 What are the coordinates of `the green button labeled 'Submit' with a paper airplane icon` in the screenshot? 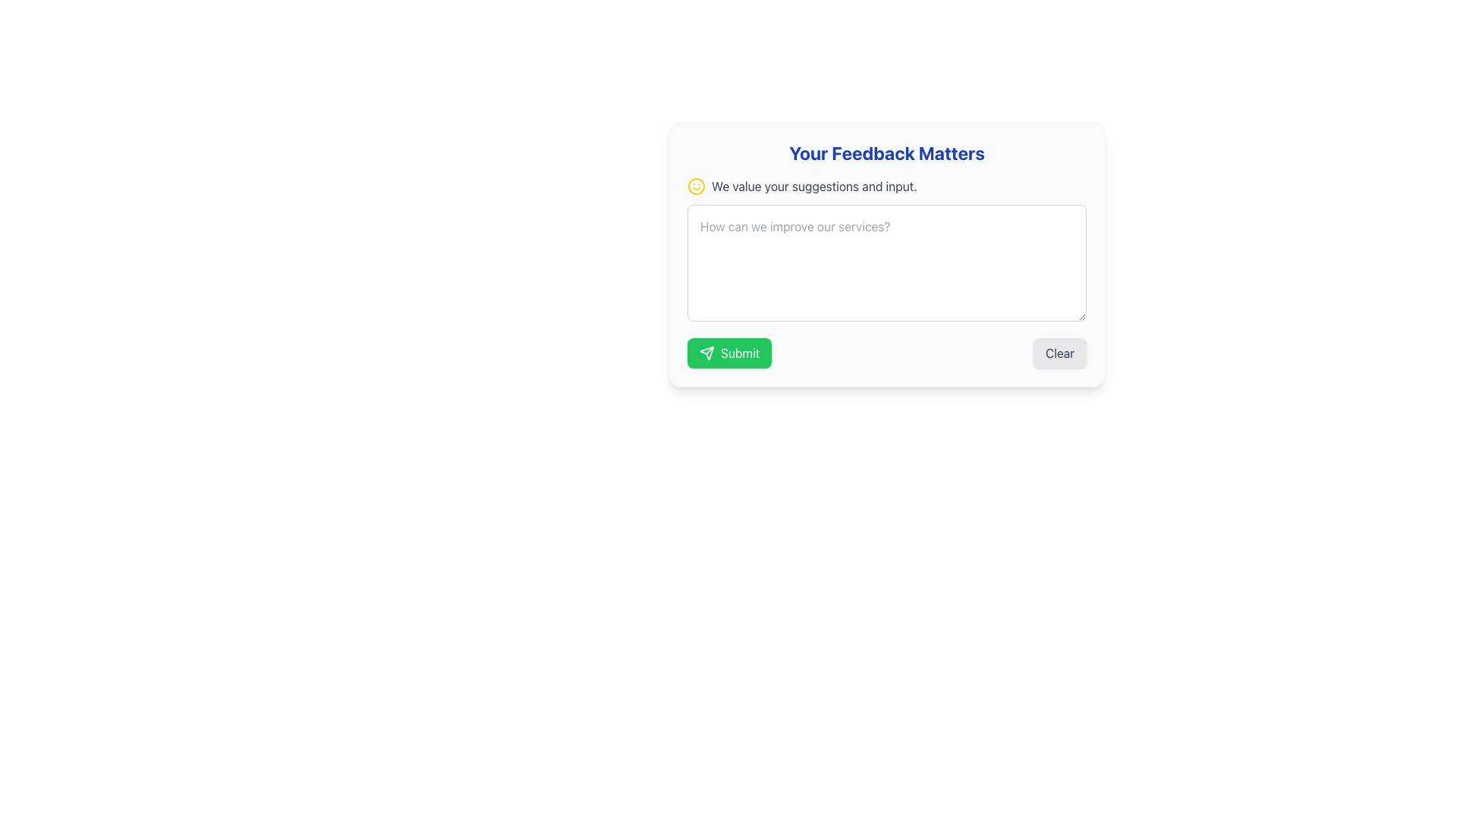 It's located at (729, 353).